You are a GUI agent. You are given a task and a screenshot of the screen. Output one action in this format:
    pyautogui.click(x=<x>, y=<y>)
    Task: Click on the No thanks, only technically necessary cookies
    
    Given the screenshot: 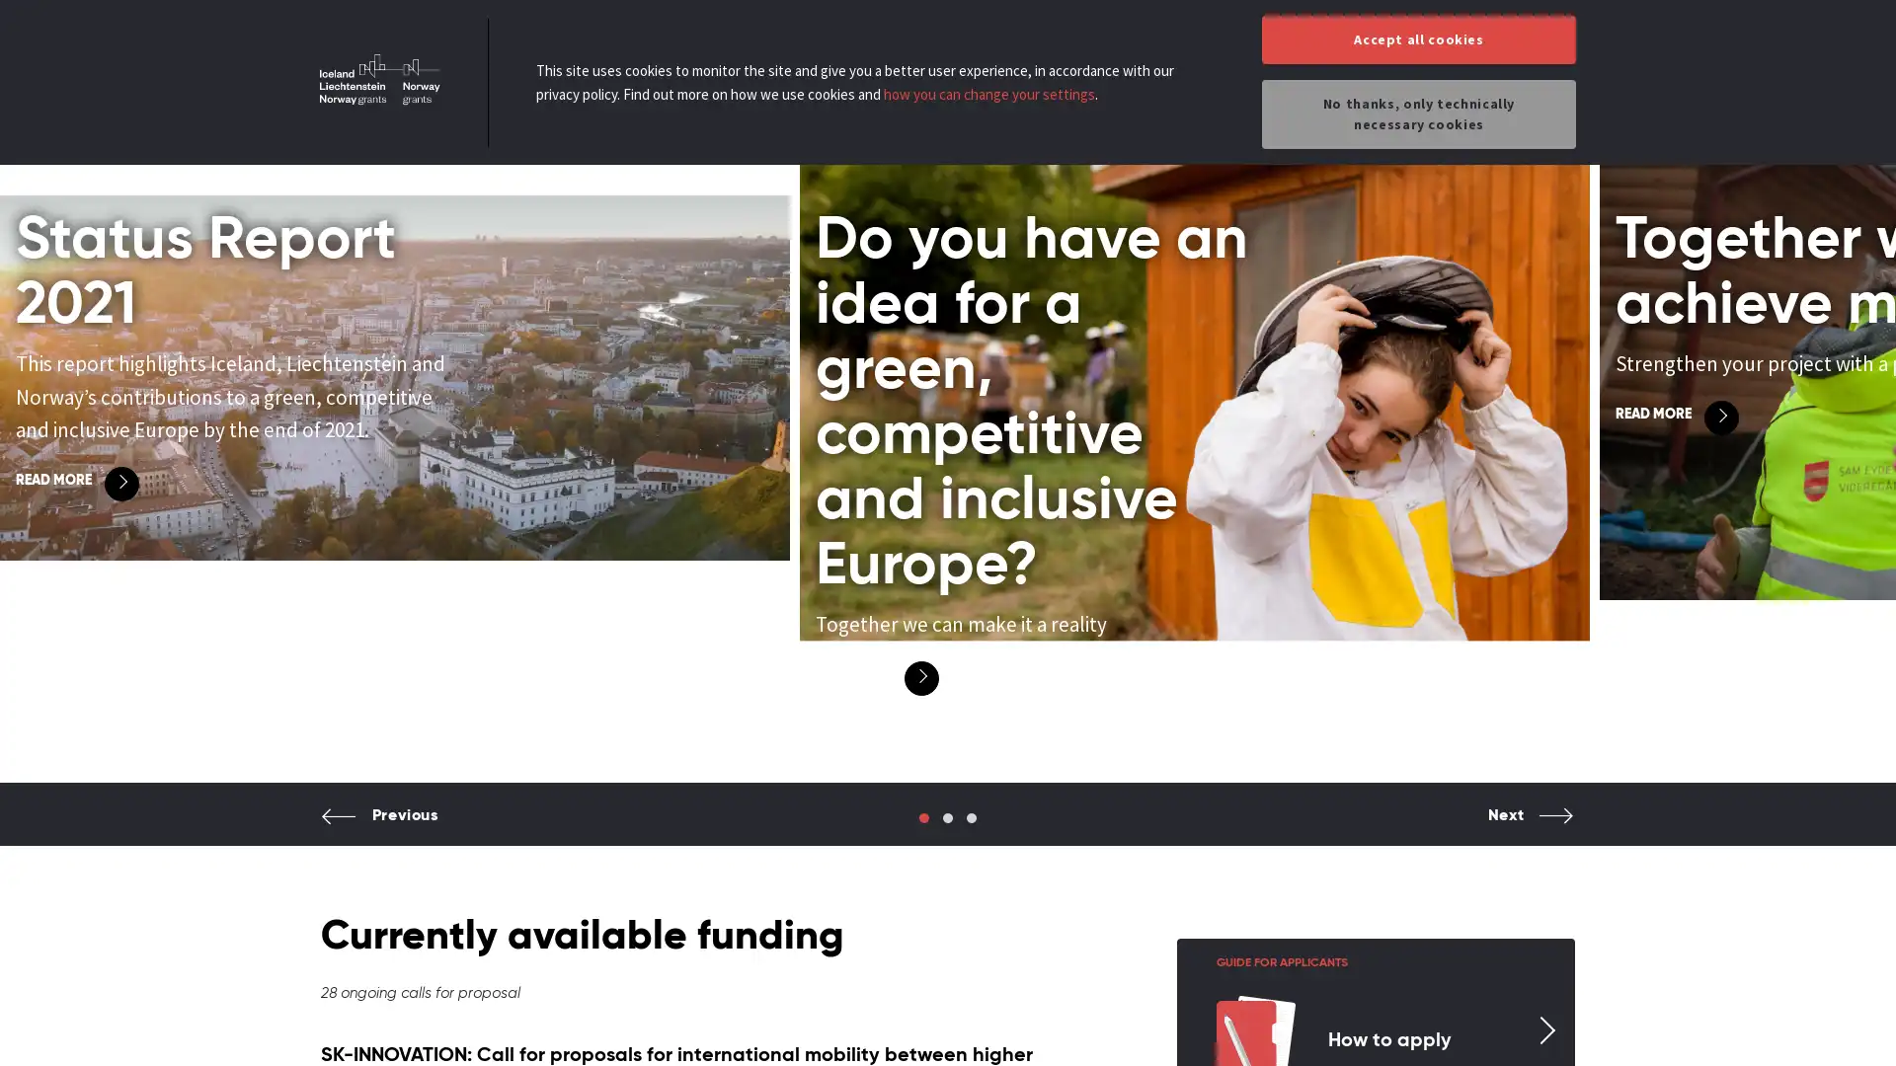 What is the action you would take?
    pyautogui.click(x=1417, y=114)
    